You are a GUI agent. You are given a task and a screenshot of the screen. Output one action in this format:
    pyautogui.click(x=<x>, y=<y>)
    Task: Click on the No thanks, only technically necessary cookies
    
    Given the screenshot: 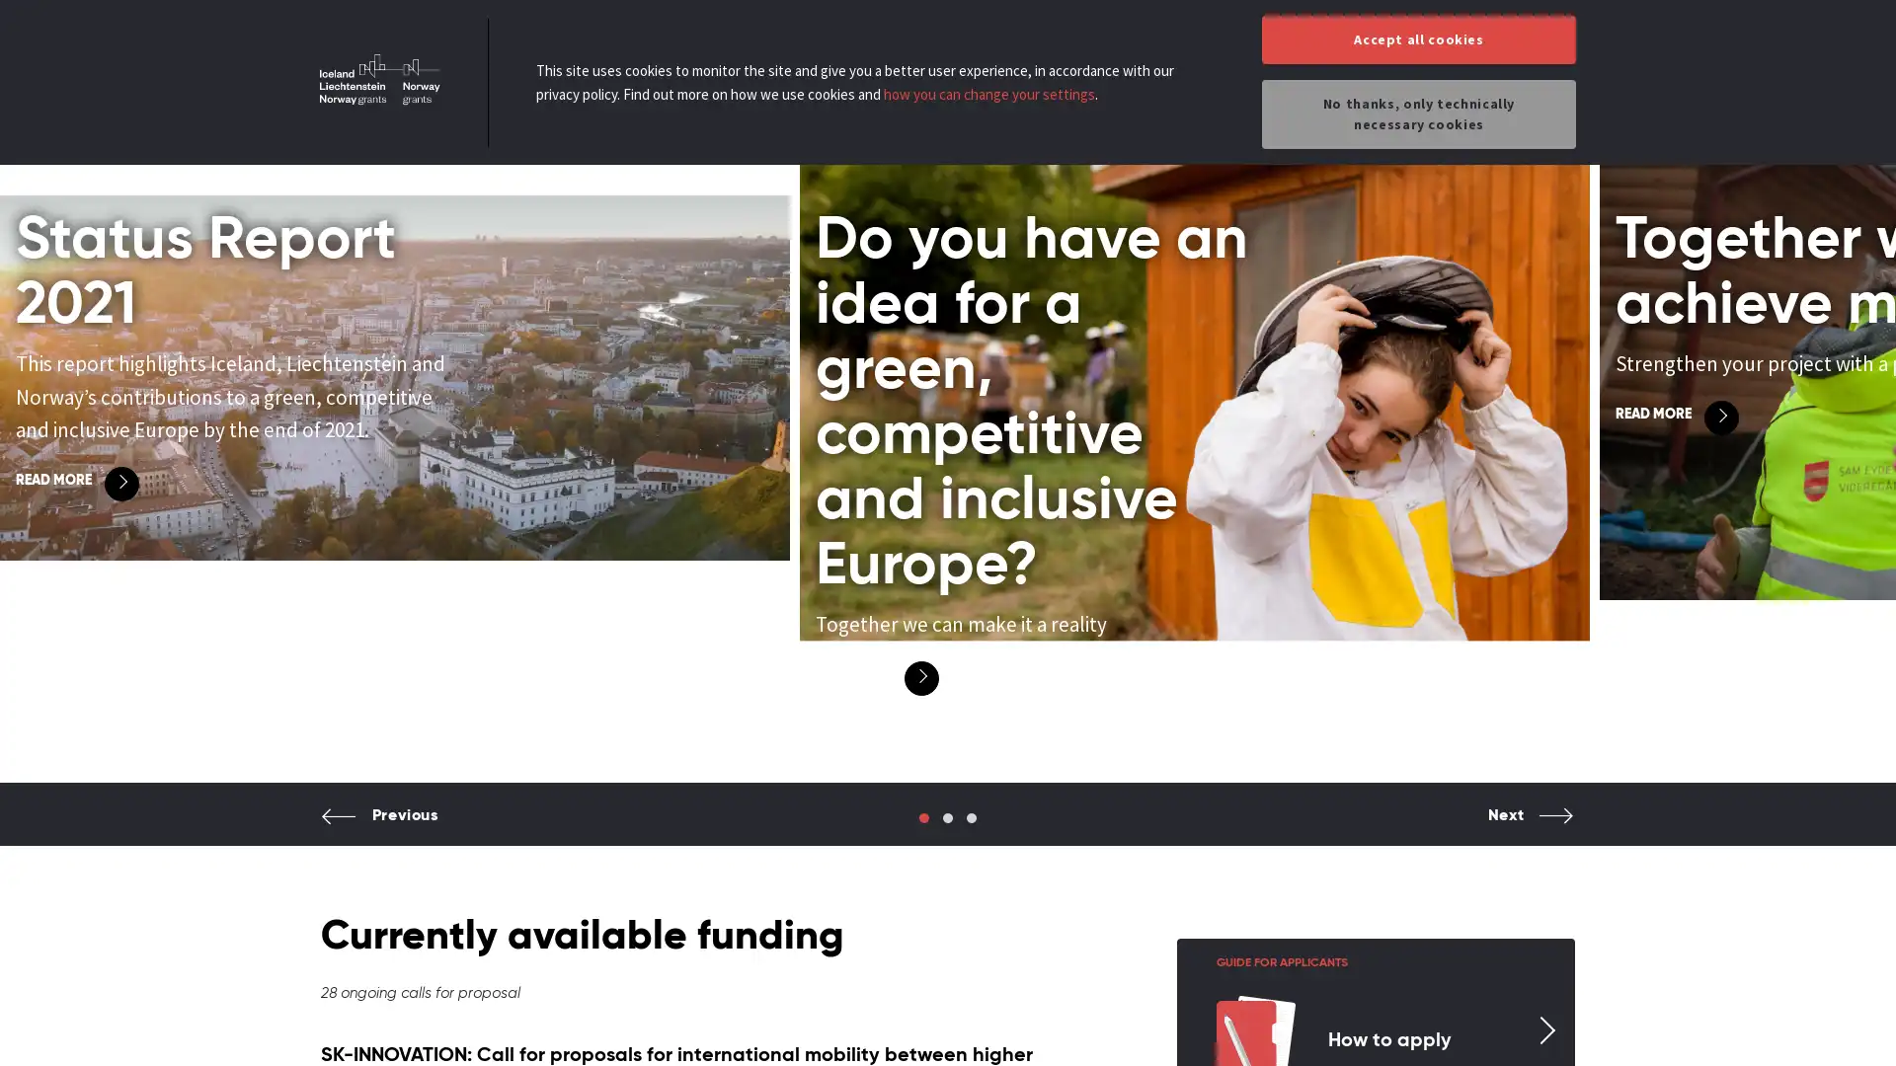 What is the action you would take?
    pyautogui.click(x=1417, y=114)
    